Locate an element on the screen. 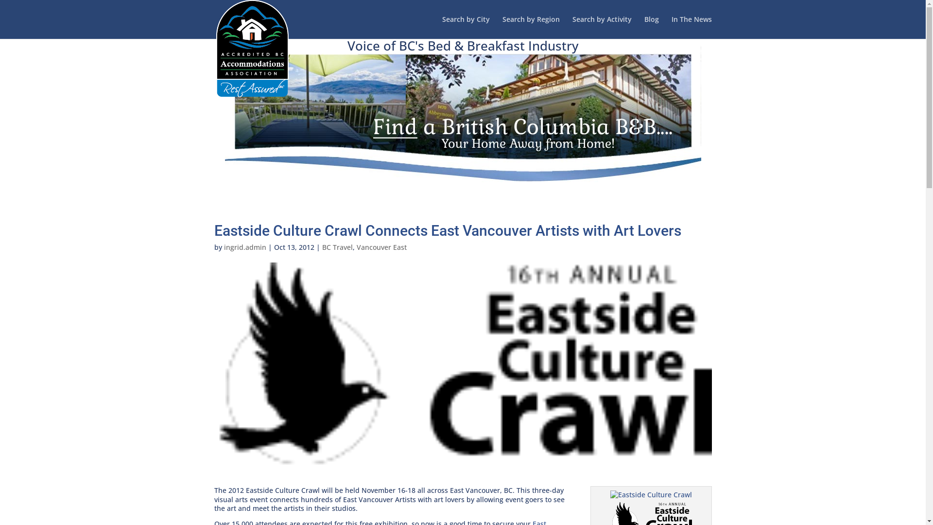 The width and height of the screenshot is (933, 525). 'Search by Region' is located at coordinates (531, 27).